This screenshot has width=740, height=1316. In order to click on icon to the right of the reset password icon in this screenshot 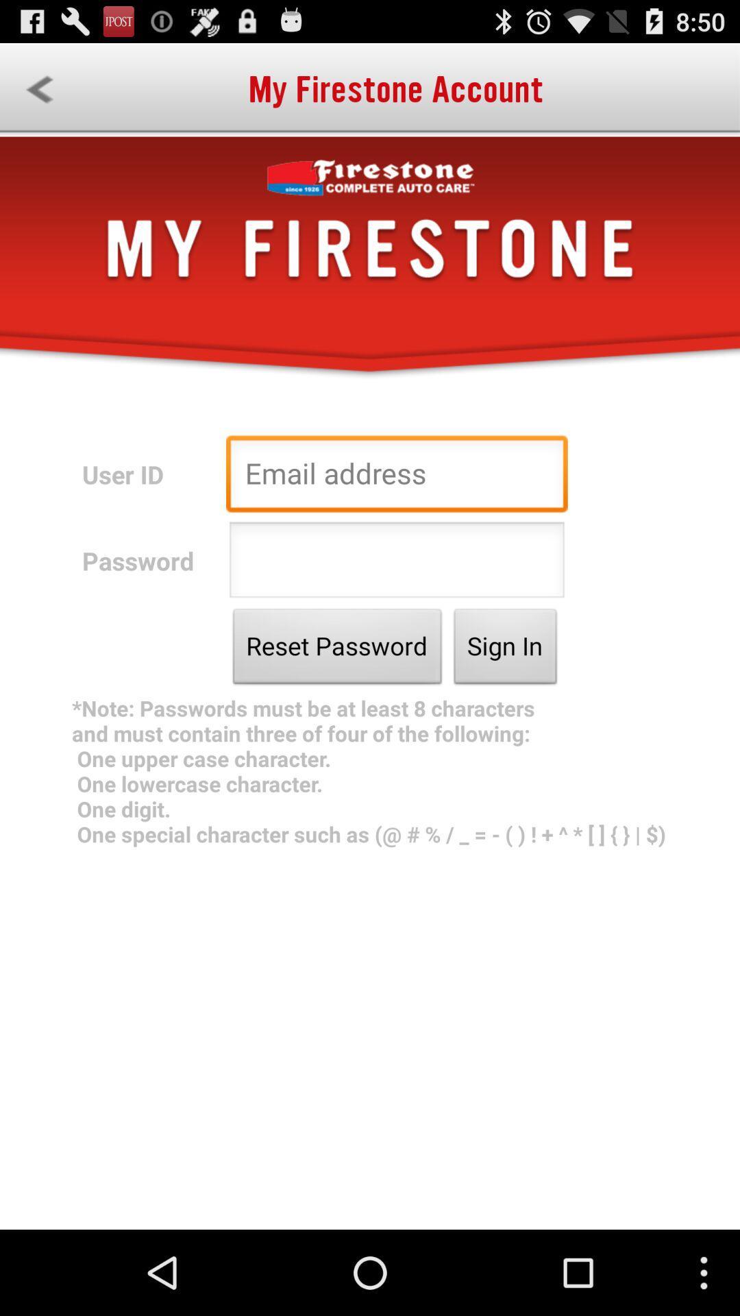, I will do `click(505, 649)`.